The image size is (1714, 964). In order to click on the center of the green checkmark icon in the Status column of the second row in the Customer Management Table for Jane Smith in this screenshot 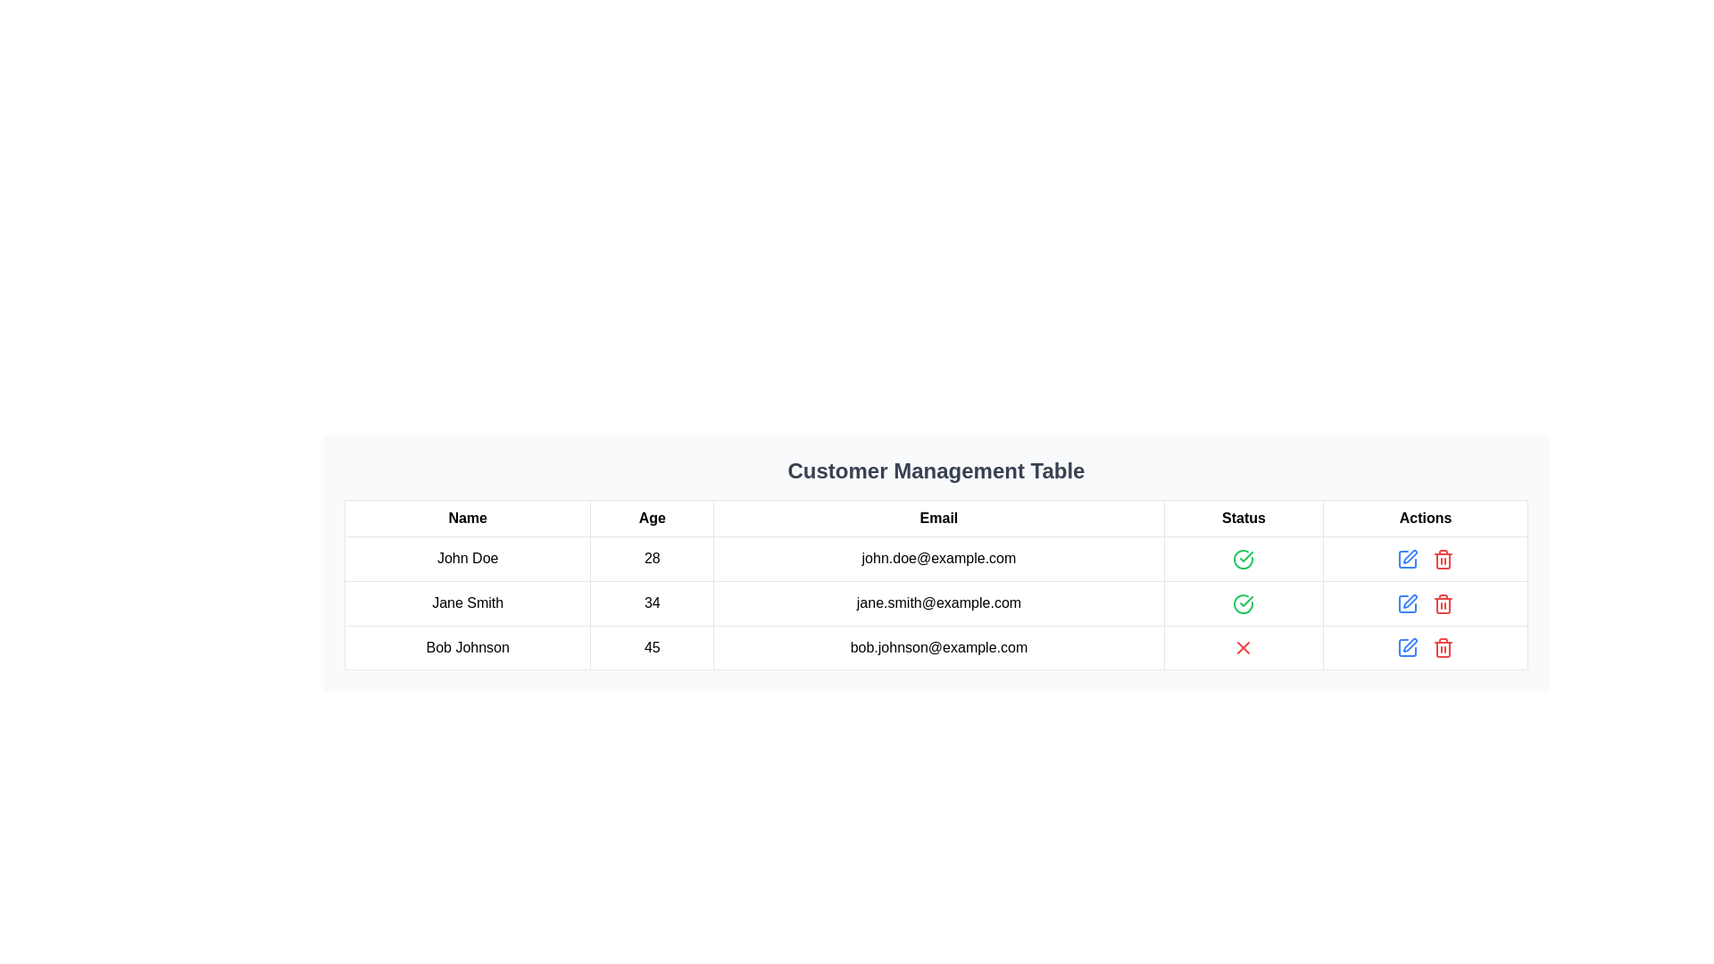, I will do `click(1245, 555)`.